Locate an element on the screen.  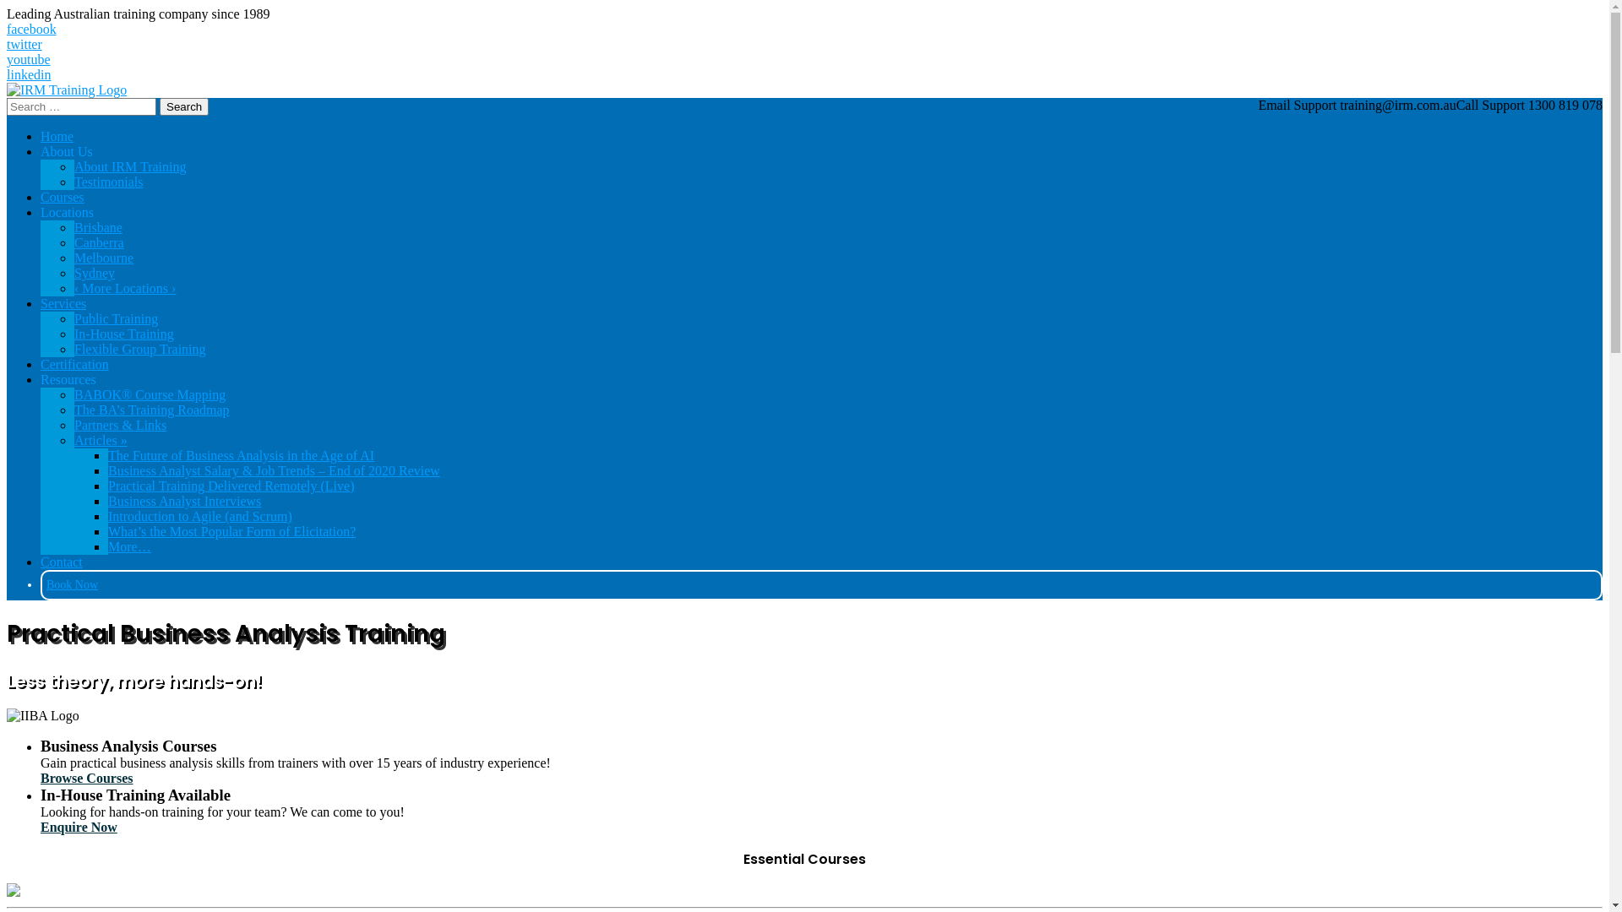
'Certification' is located at coordinates (73, 363).